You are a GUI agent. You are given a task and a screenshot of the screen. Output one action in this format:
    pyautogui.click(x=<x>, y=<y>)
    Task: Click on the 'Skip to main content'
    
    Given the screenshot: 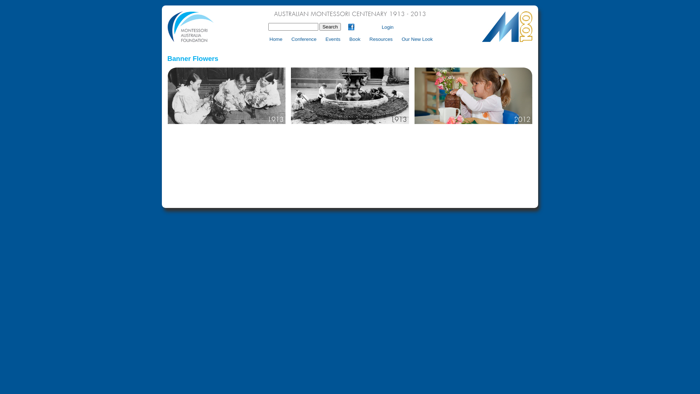 What is the action you would take?
    pyautogui.click(x=372, y=5)
    